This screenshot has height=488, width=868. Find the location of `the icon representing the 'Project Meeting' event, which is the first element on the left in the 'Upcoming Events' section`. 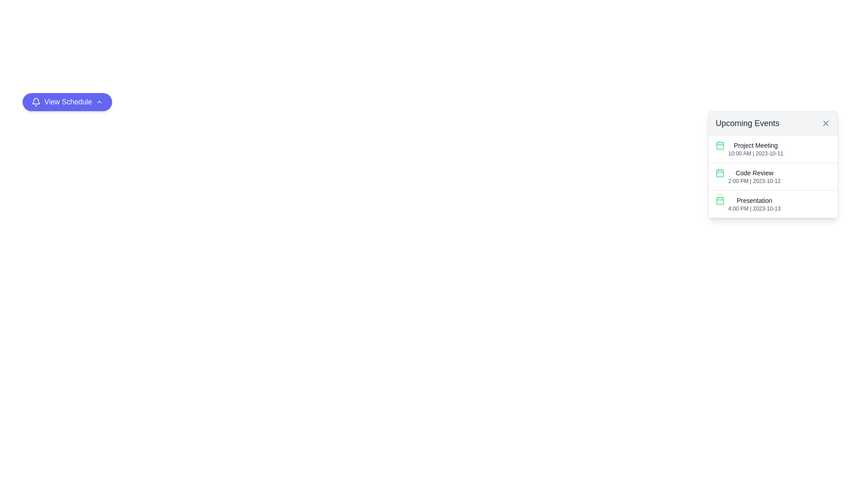

the icon representing the 'Project Meeting' event, which is the first element on the left in the 'Upcoming Events' section is located at coordinates (720, 145).